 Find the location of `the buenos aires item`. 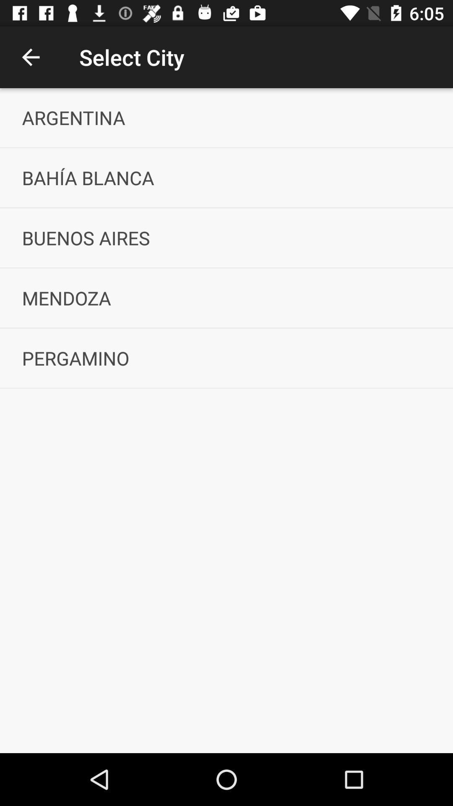

the buenos aires item is located at coordinates (226, 237).